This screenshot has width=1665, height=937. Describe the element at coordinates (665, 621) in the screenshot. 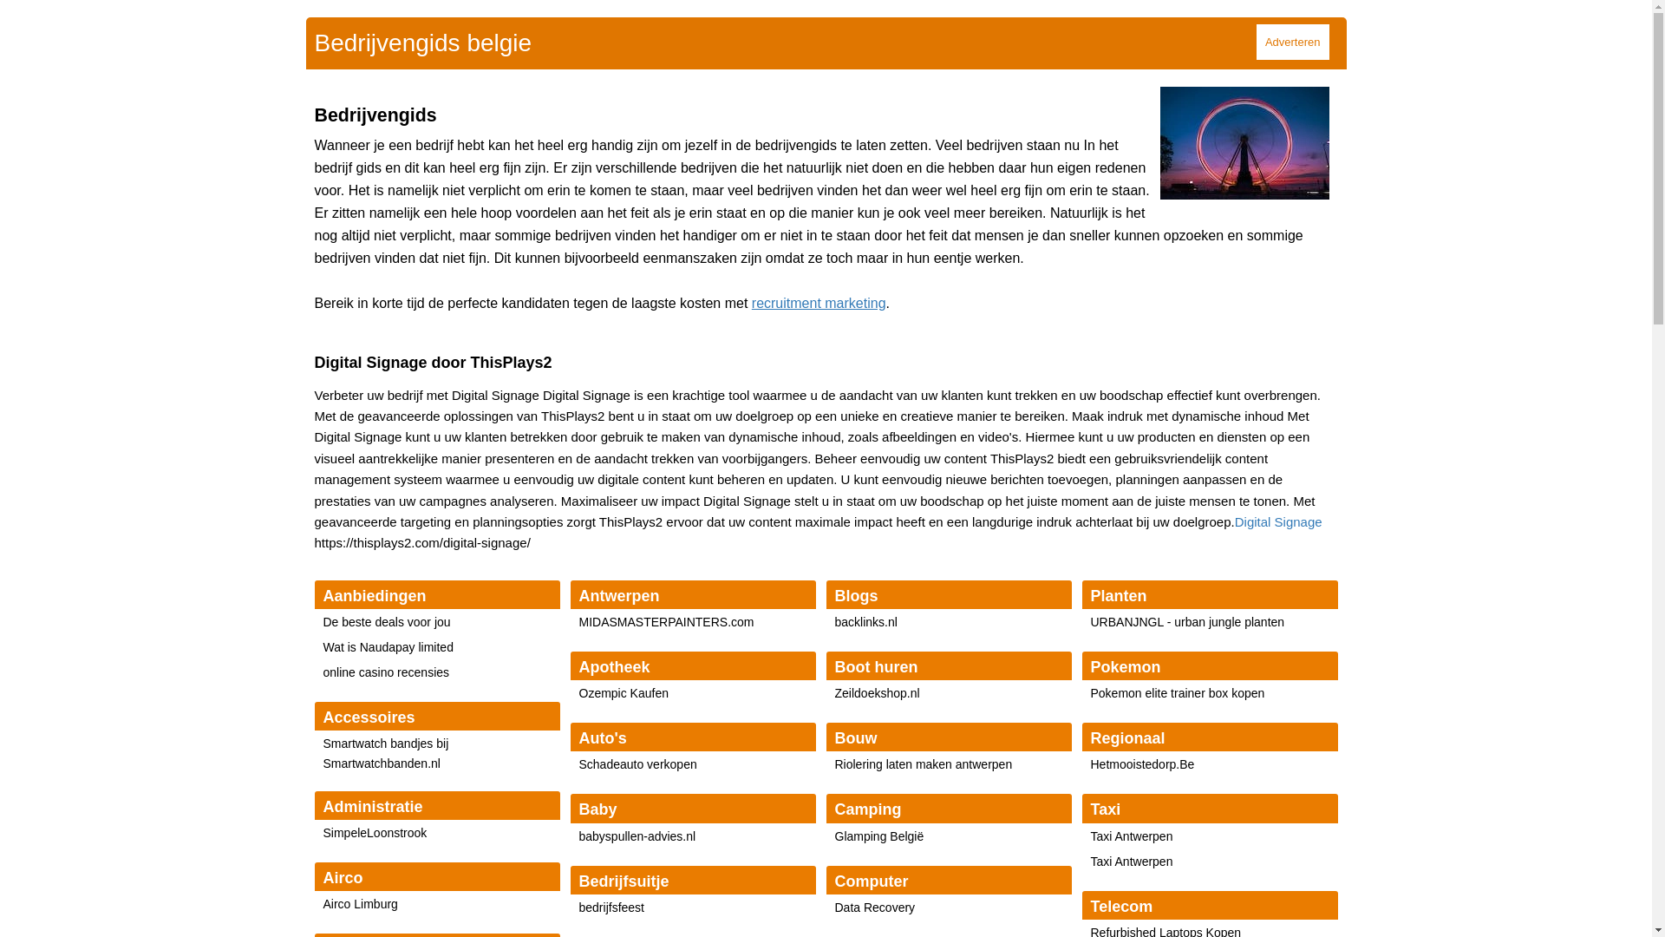

I see `'MIDASMASTERPAINTERS.com'` at that location.